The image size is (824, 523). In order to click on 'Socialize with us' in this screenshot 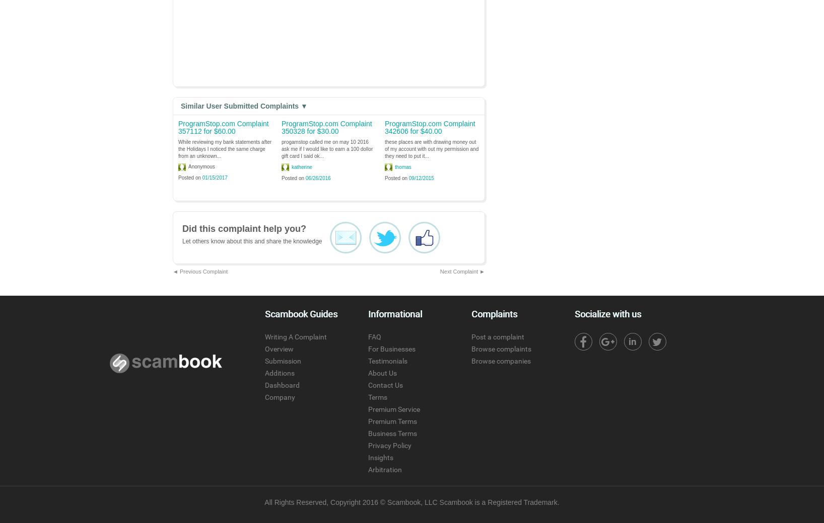, I will do `click(607, 313)`.